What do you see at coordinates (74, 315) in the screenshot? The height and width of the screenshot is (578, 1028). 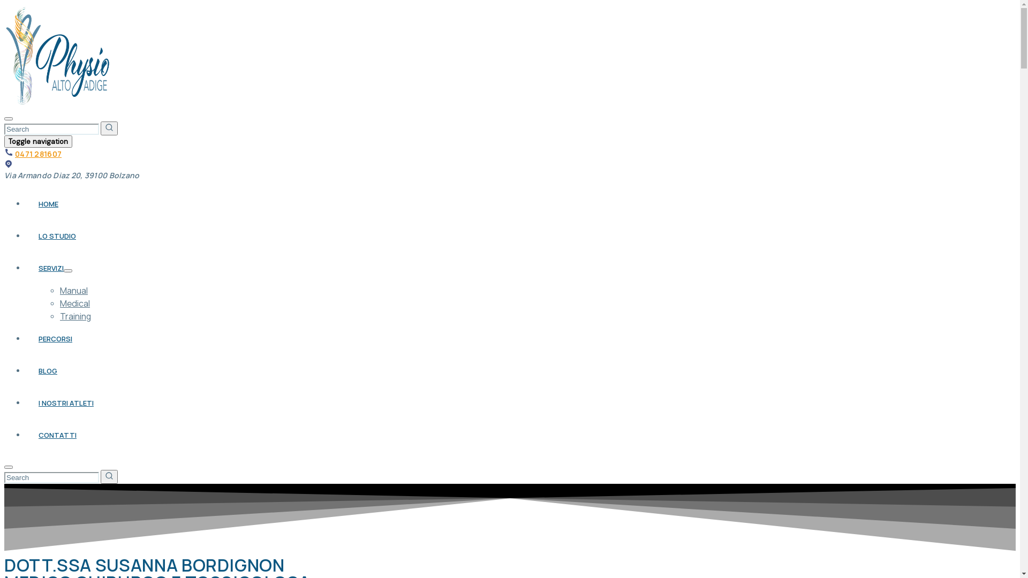 I see `'Training'` at bounding box center [74, 315].